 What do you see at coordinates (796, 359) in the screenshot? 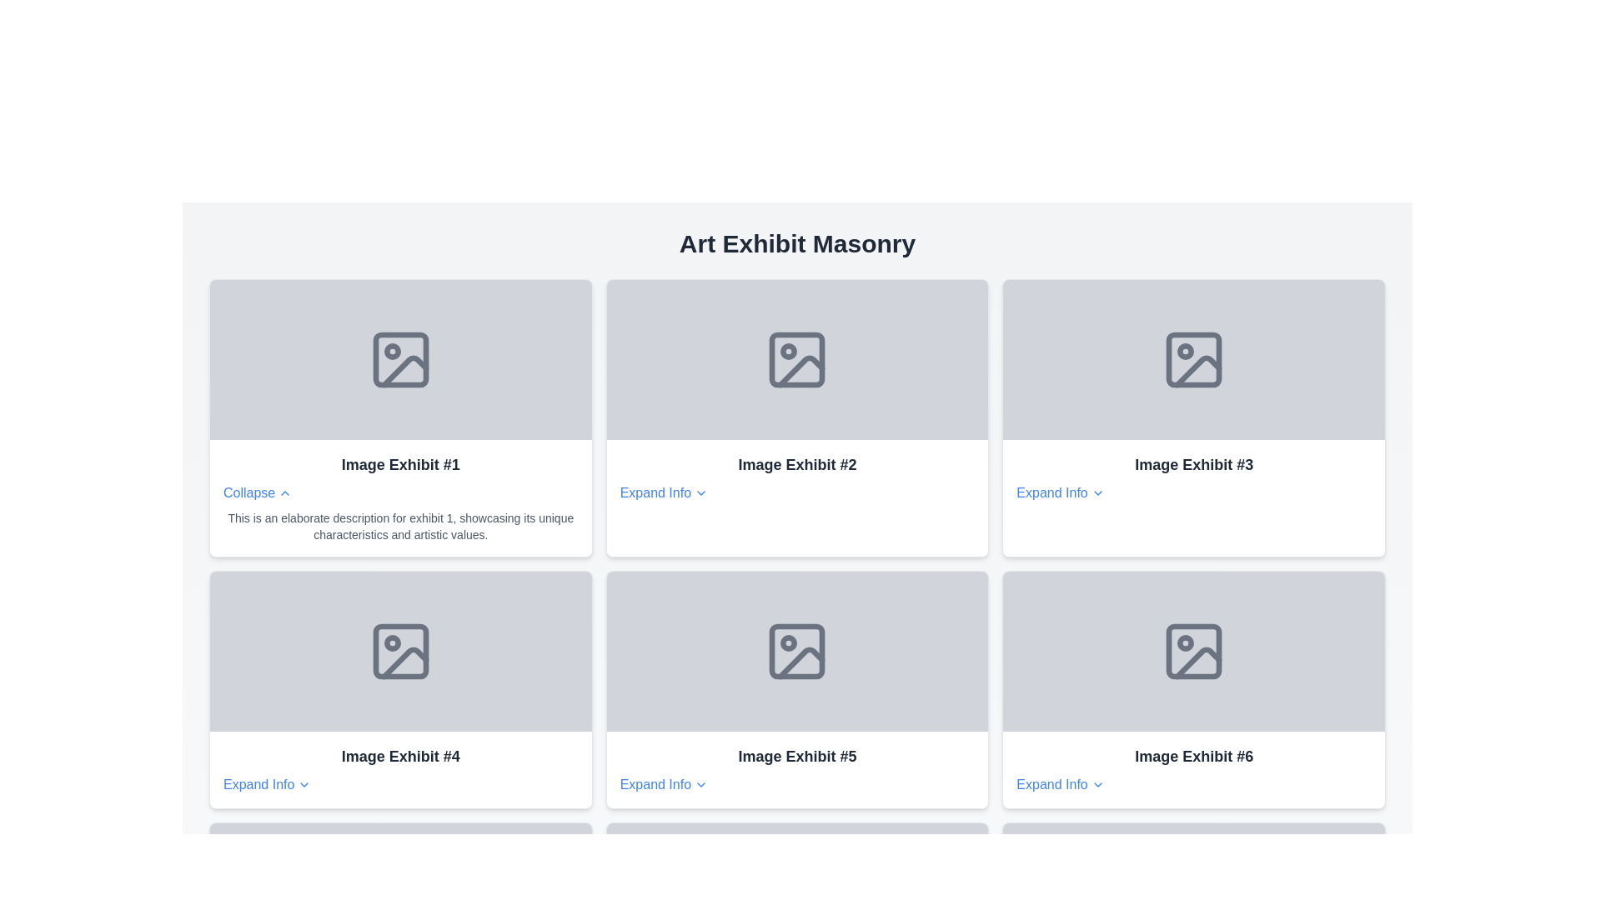
I see `the image icon represented by the decorative rectangle in the upper center of the 'Image Exhibit #2' panel` at bounding box center [796, 359].